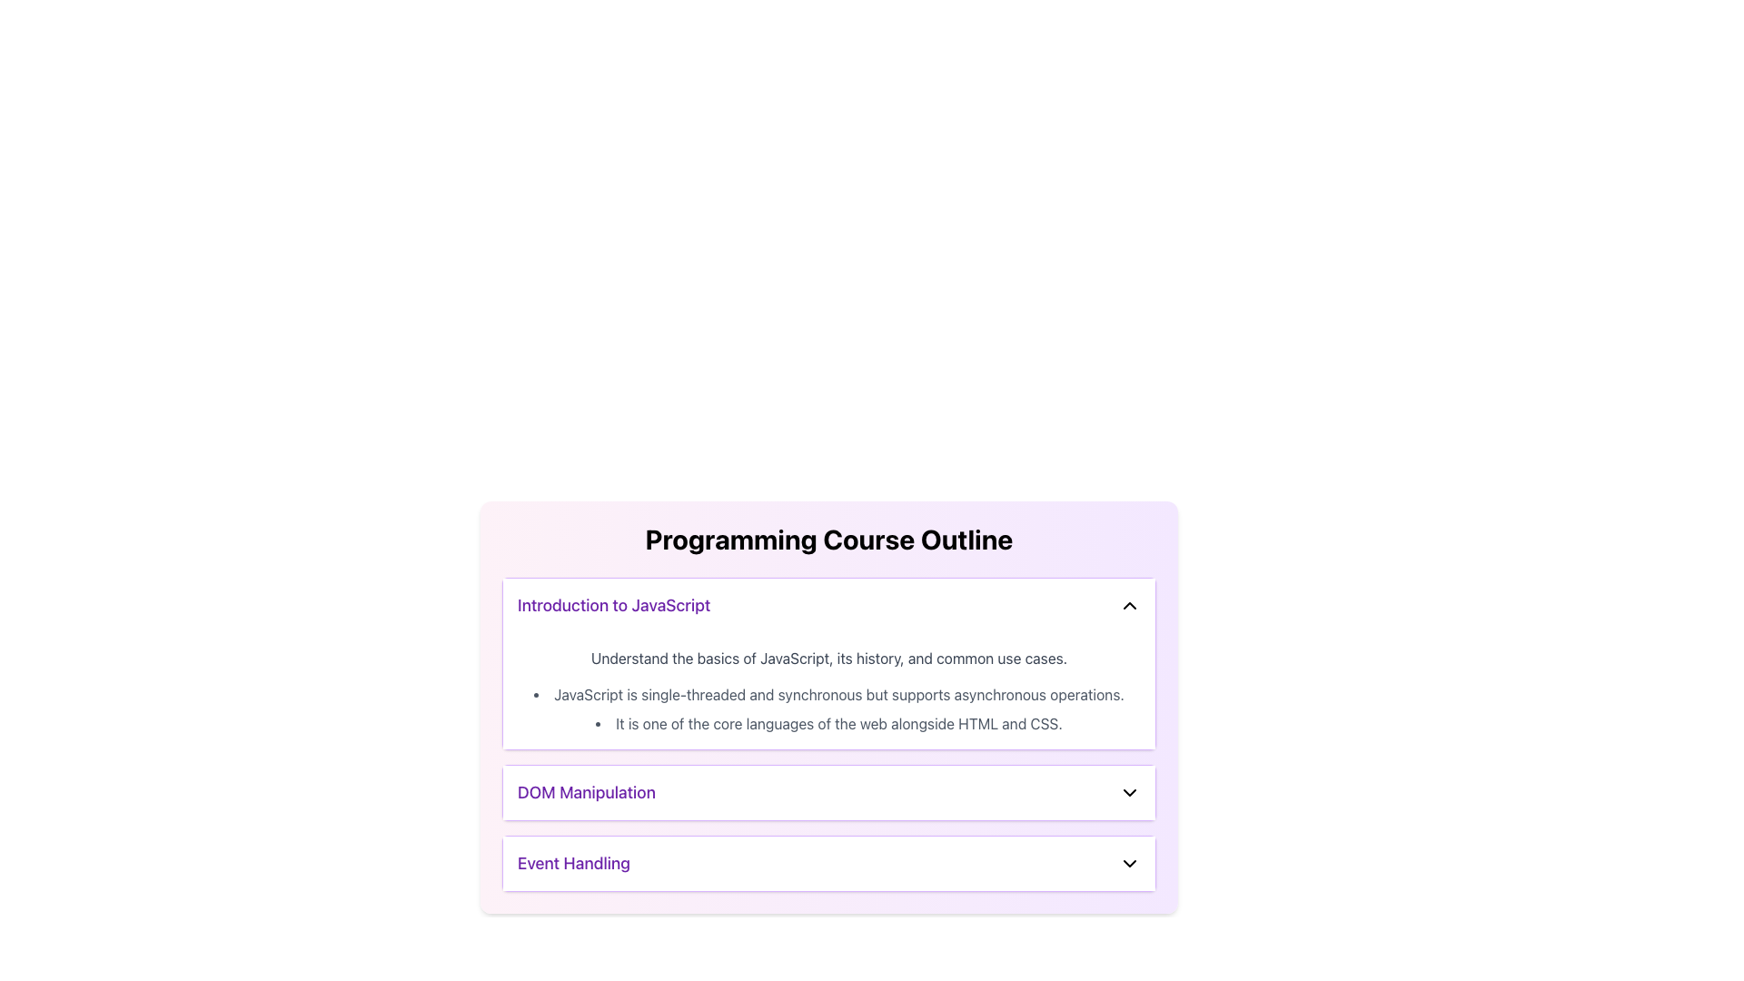 This screenshot has height=981, width=1744. Describe the element at coordinates (1128, 863) in the screenshot. I see `the downward chevron arrow icon located at the far right of the 'Event Handling' entry` at that location.